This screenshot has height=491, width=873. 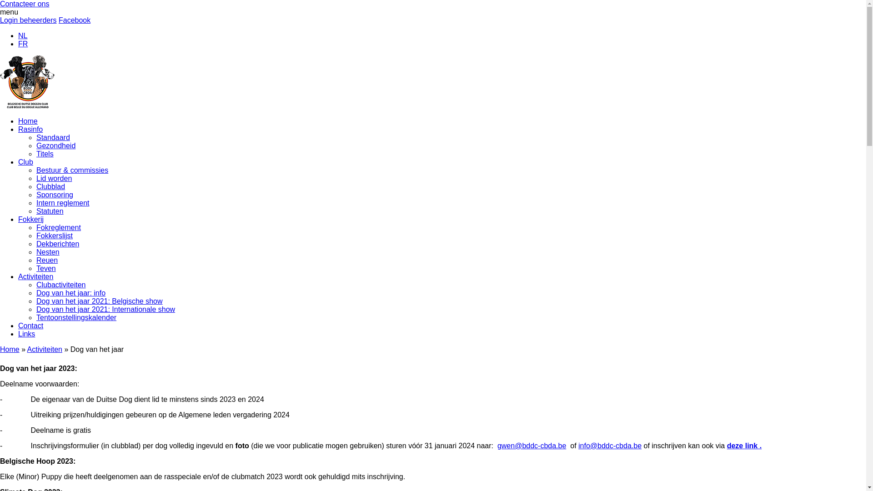 I want to click on 'Home', so click(x=10, y=349).